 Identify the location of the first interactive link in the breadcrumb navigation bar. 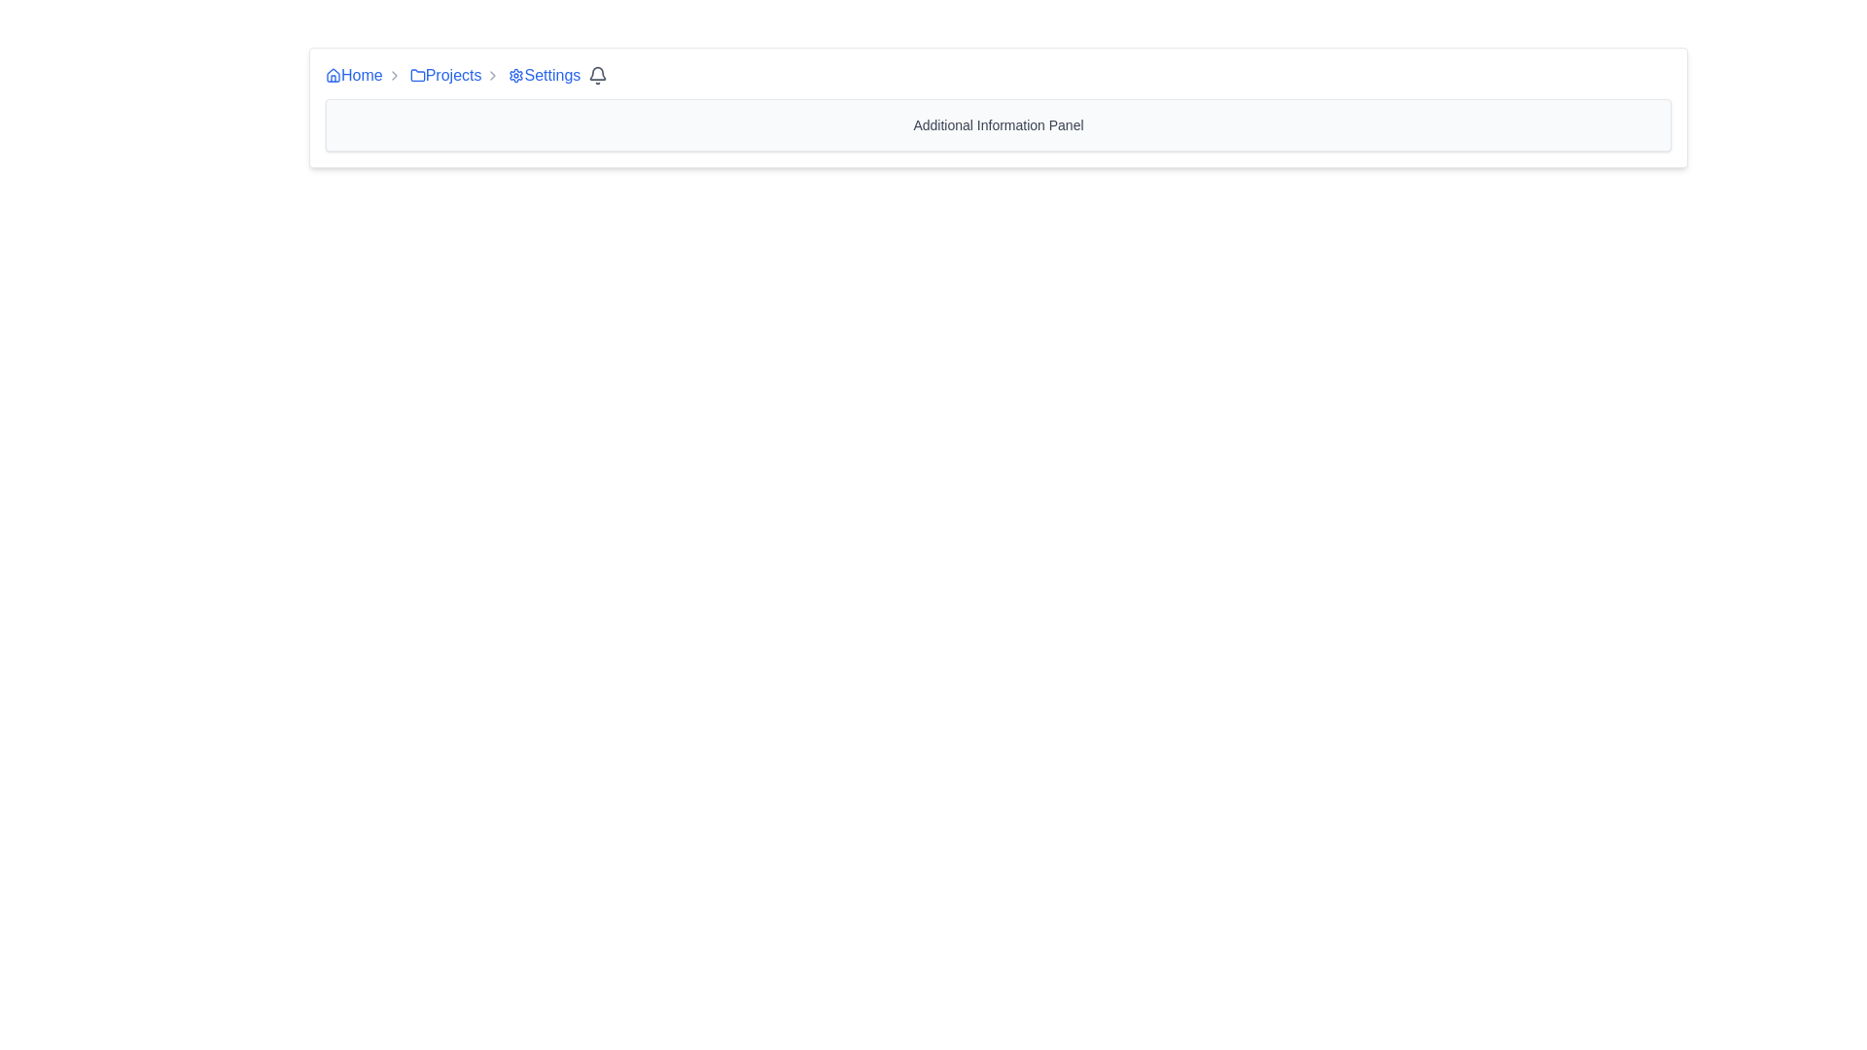
(354, 74).